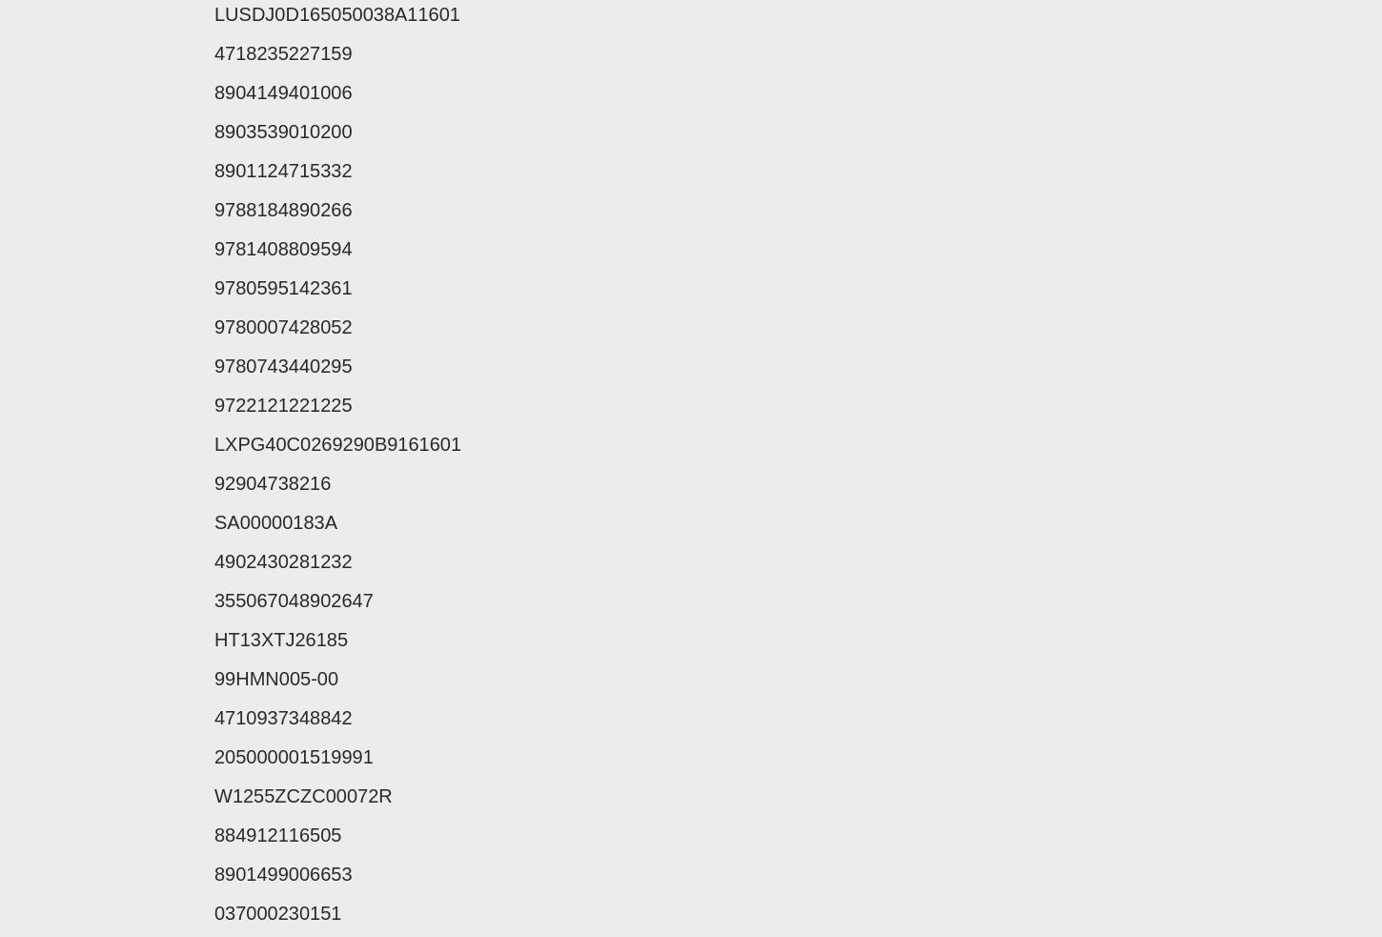  I want to click on 'LXPG40C0269290B9161601', so click(213, 443).